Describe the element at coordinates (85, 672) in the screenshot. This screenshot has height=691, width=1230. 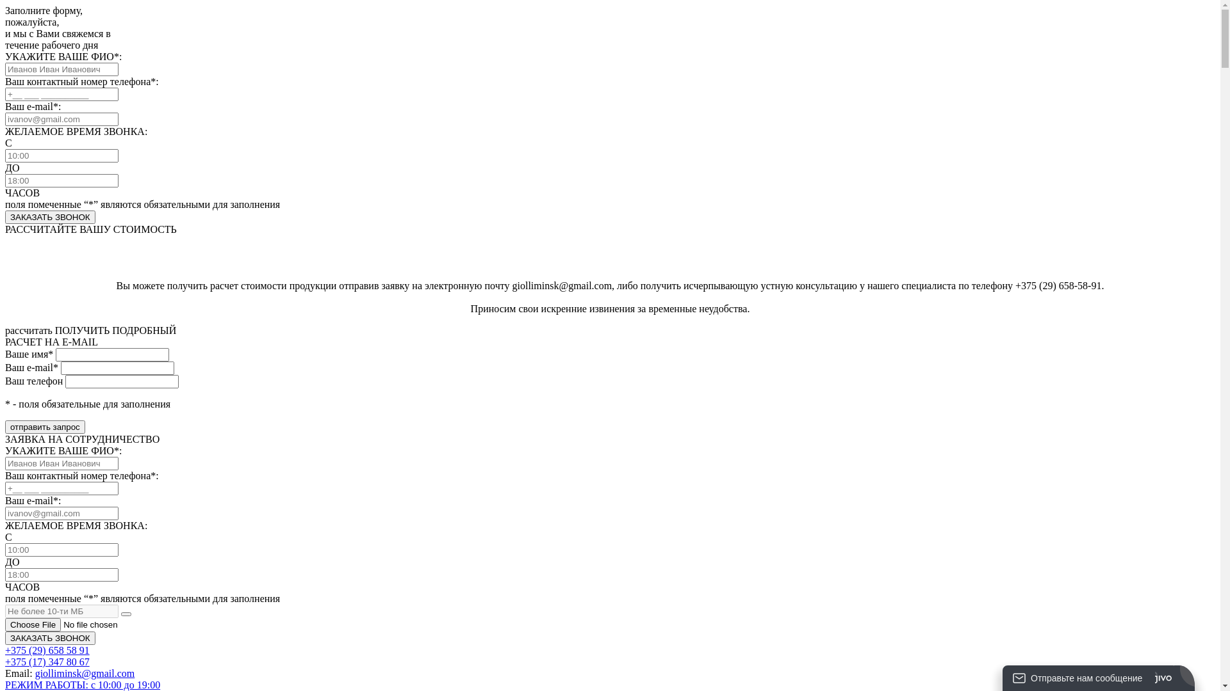
I see `'giolliminsk@gmail.com'` at that location.